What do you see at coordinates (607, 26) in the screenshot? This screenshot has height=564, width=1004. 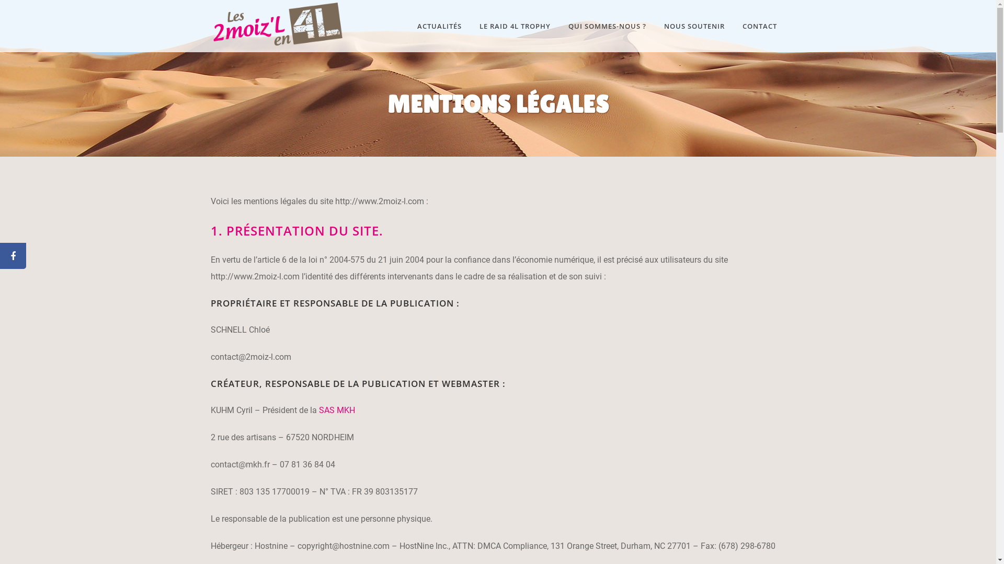 I see `'QUI SOMMES-NOUS ?'` at bounding box center [607, 26].